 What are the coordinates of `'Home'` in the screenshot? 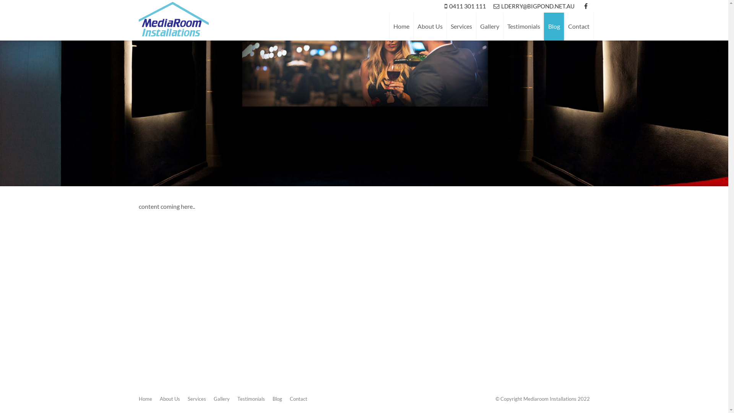 It's located at (145, 398).